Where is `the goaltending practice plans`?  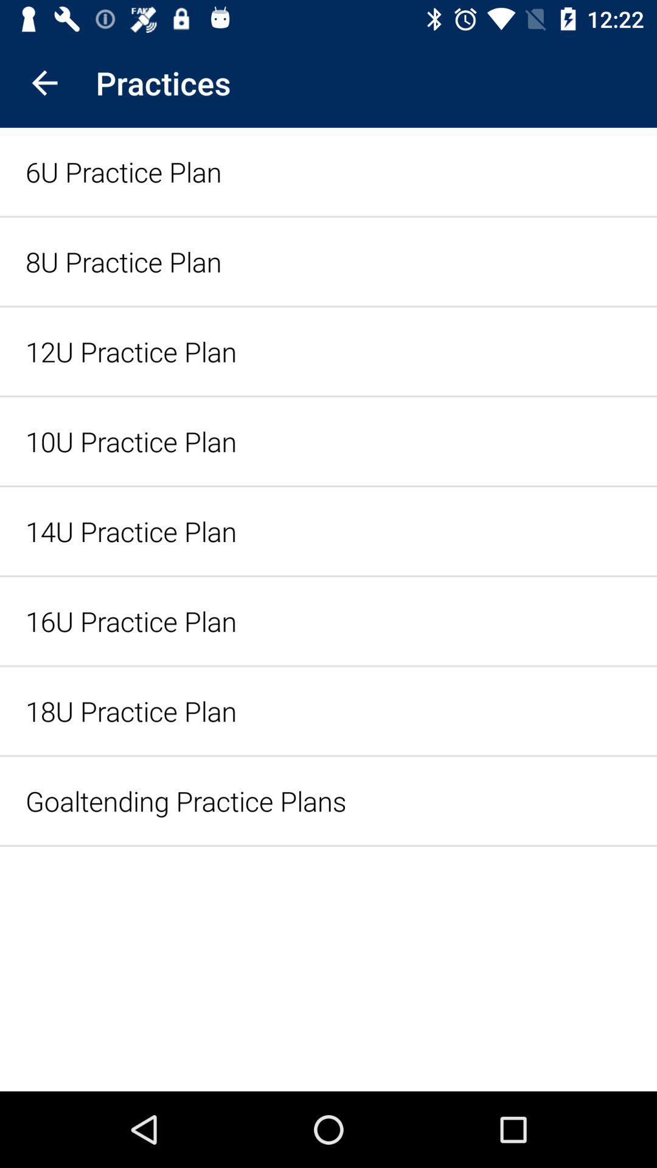 the goaltending practice plans is located at coordinates (328, 801).